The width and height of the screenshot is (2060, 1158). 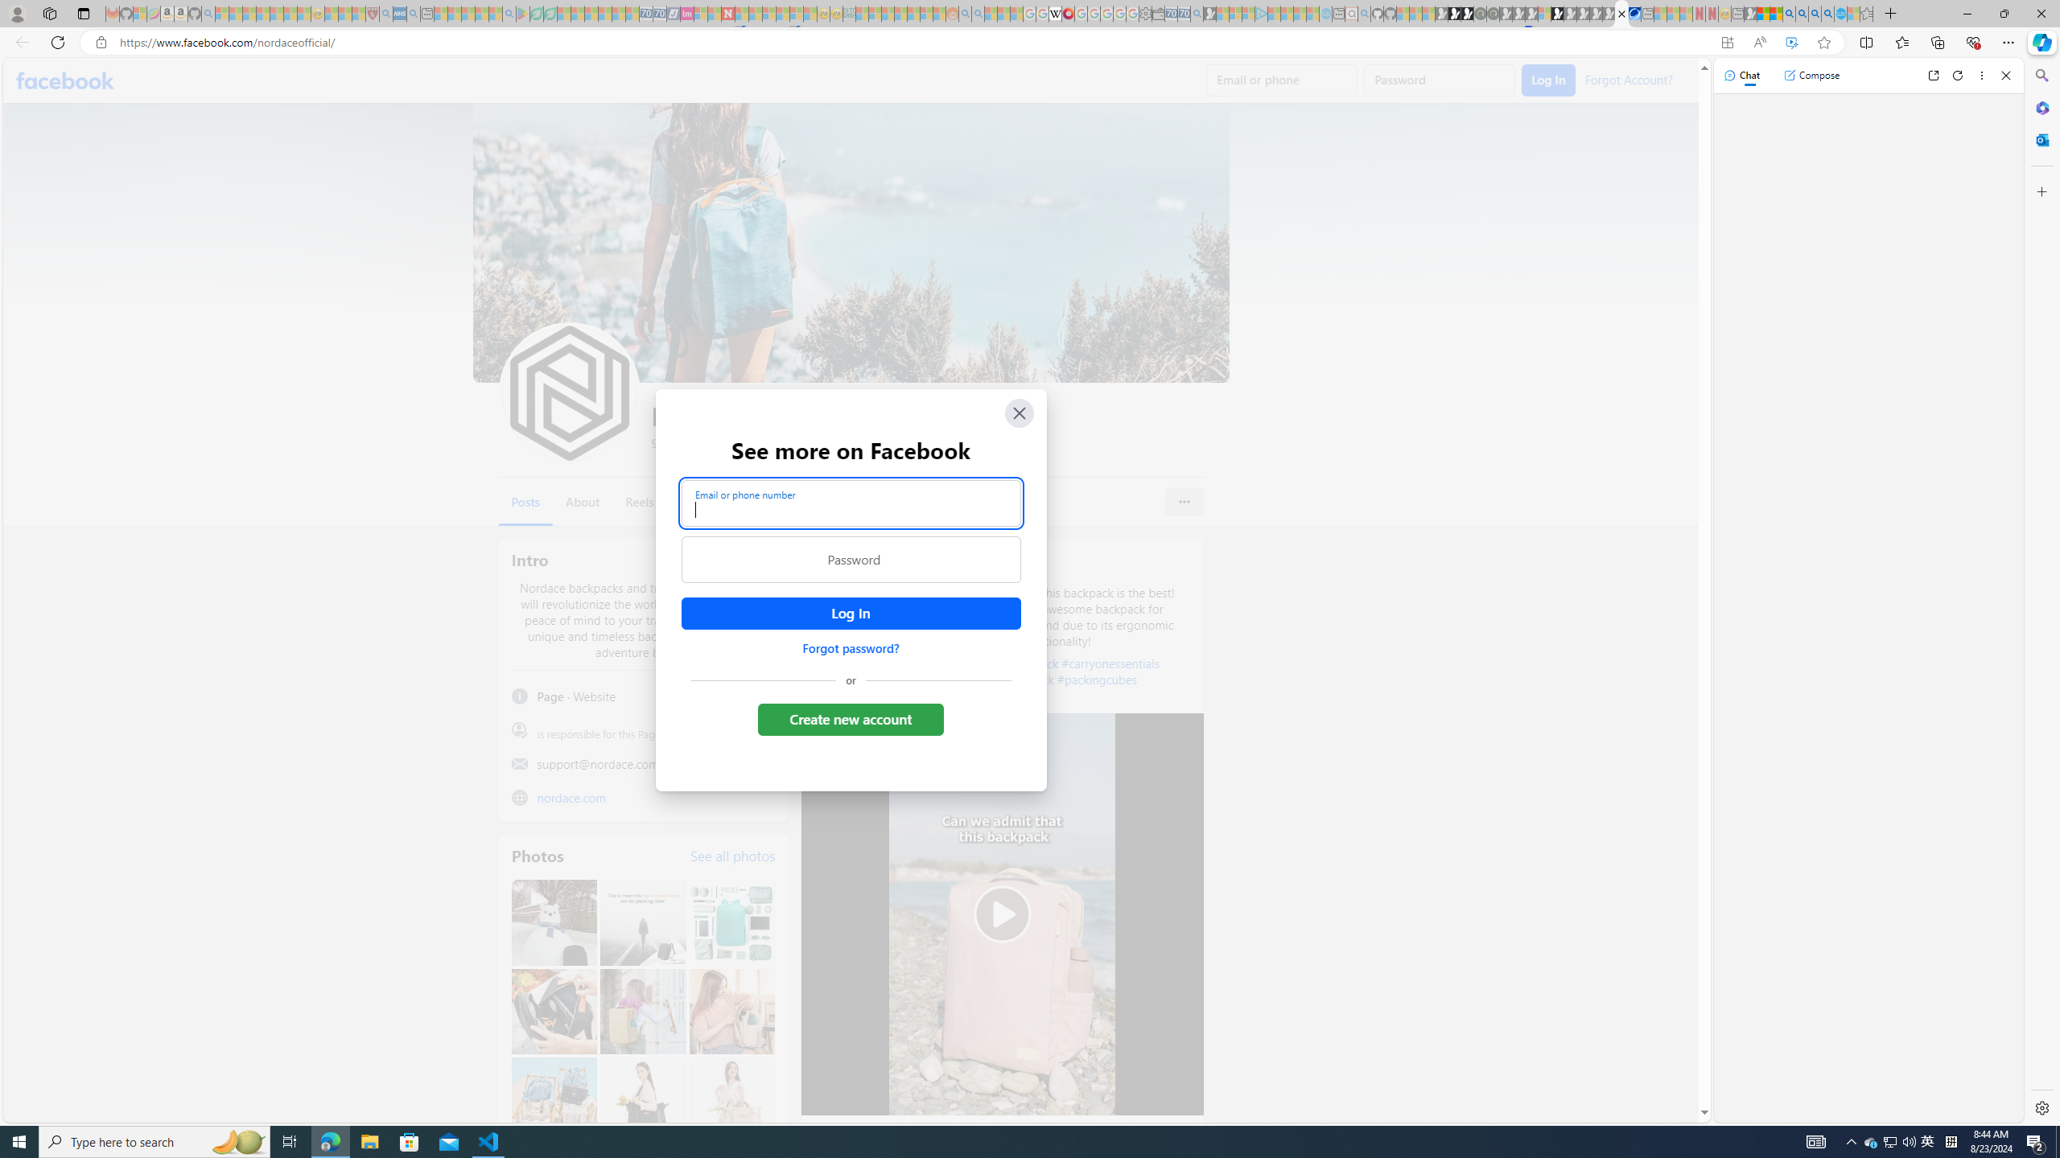 What do you see at coordinates (1634, 13) in the screenshot?
I see `'AirNow.gov'` at bounding box center [1634, 13].